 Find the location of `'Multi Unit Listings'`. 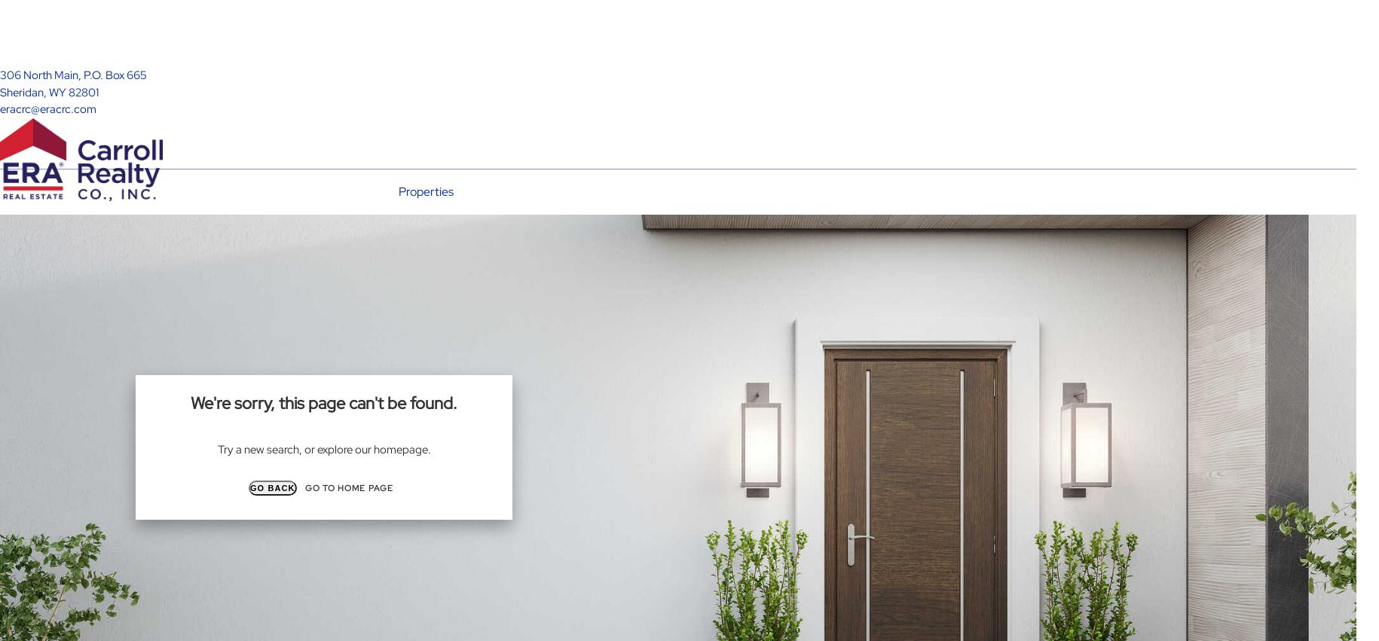

'Multi Unit Listings' is located at coordinates (422, 282).